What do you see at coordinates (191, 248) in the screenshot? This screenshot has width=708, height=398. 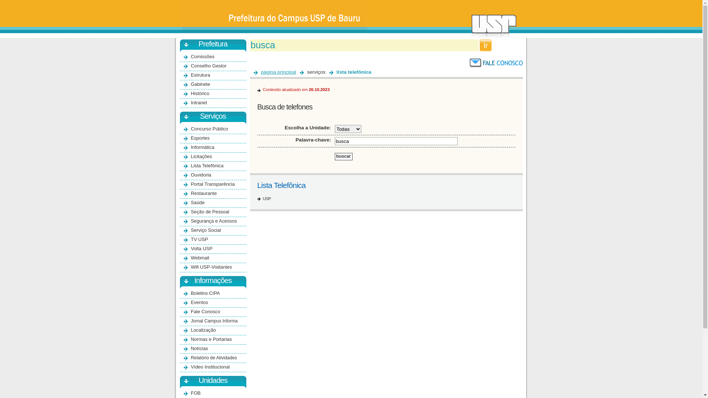 I see `'Volta USP'` at bounding box center [191, 248].